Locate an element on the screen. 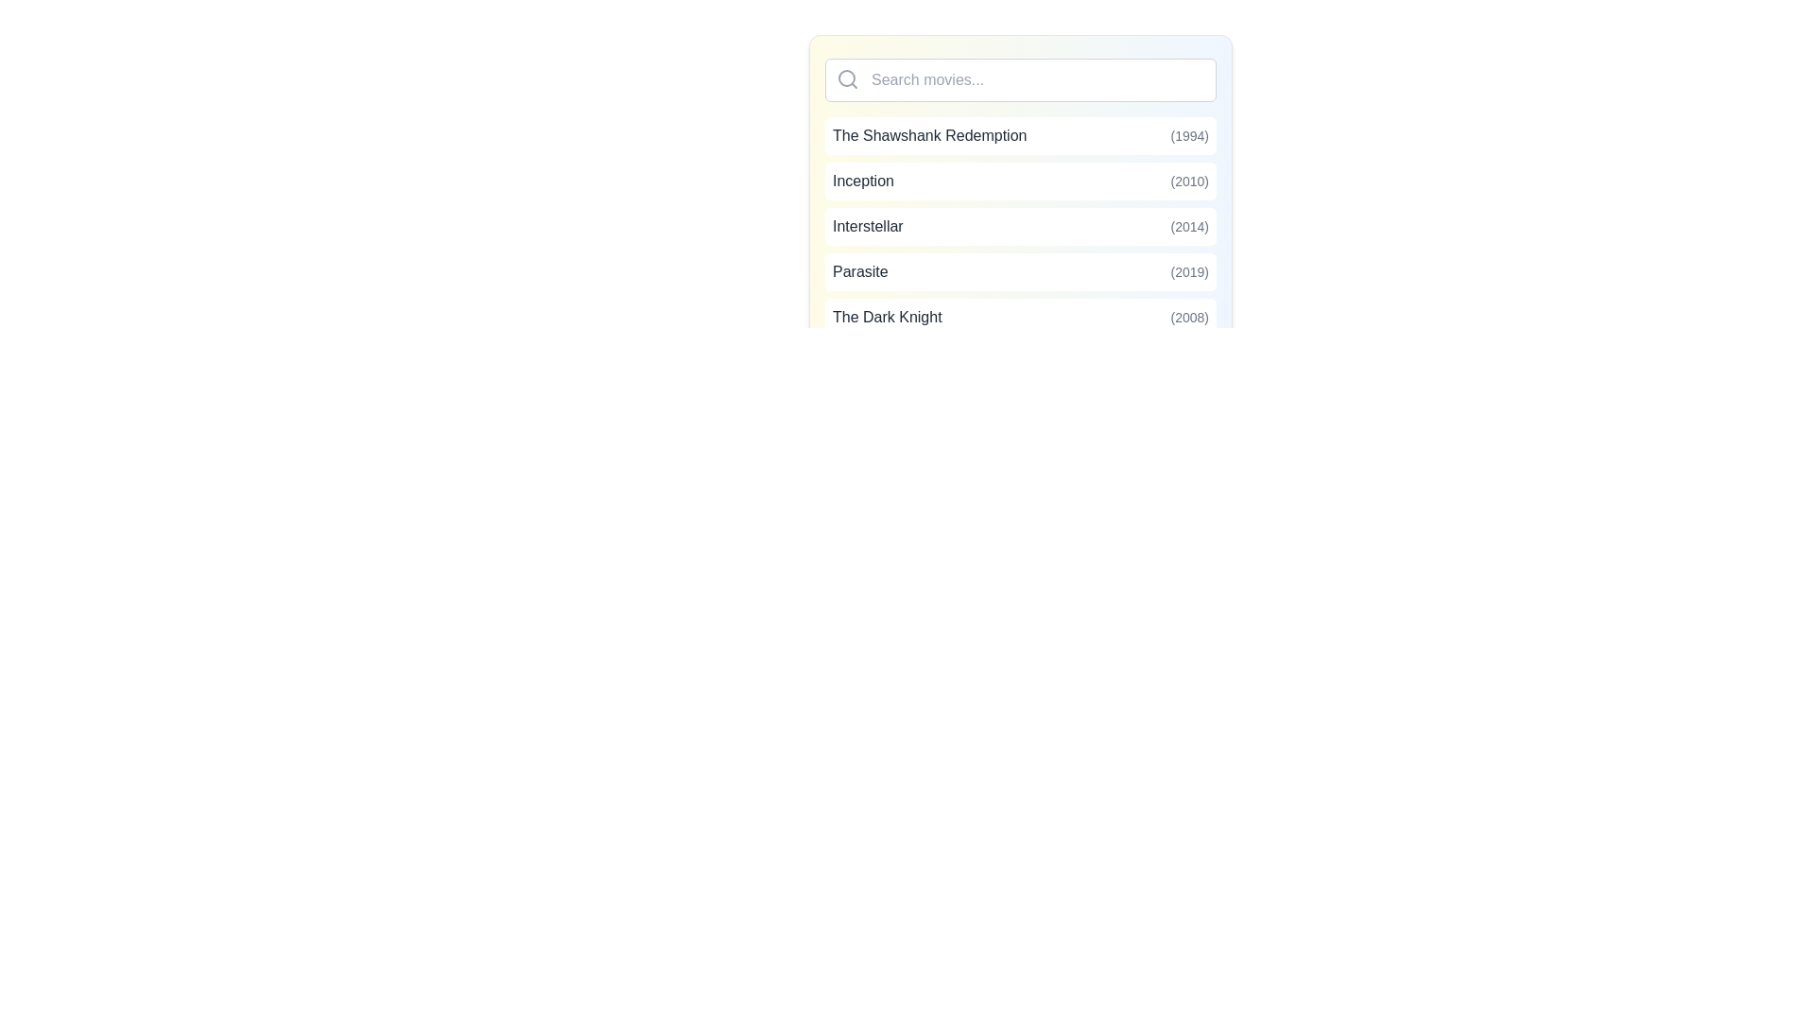 The height and width of the screenshot is (1021, 1815). text label displaying the title 'Interstellar' which is the third item in the list of movie titles within the application interface is located at coordinates (867, 225).